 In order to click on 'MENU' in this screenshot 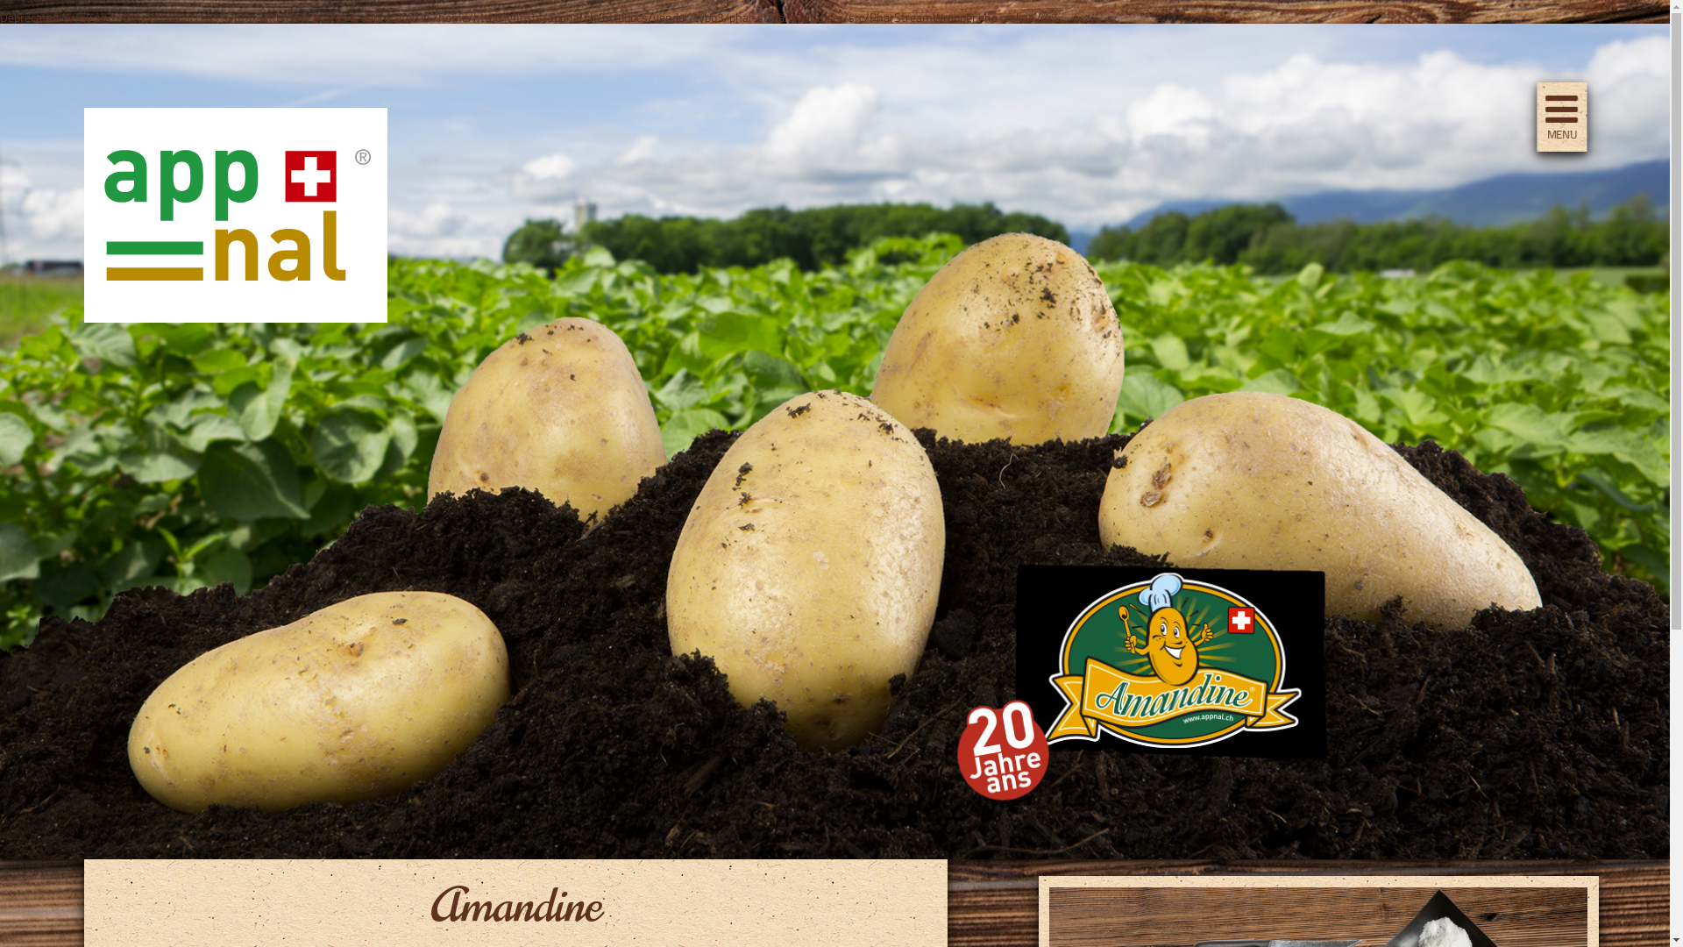, I will do `click(1560, 115)`.